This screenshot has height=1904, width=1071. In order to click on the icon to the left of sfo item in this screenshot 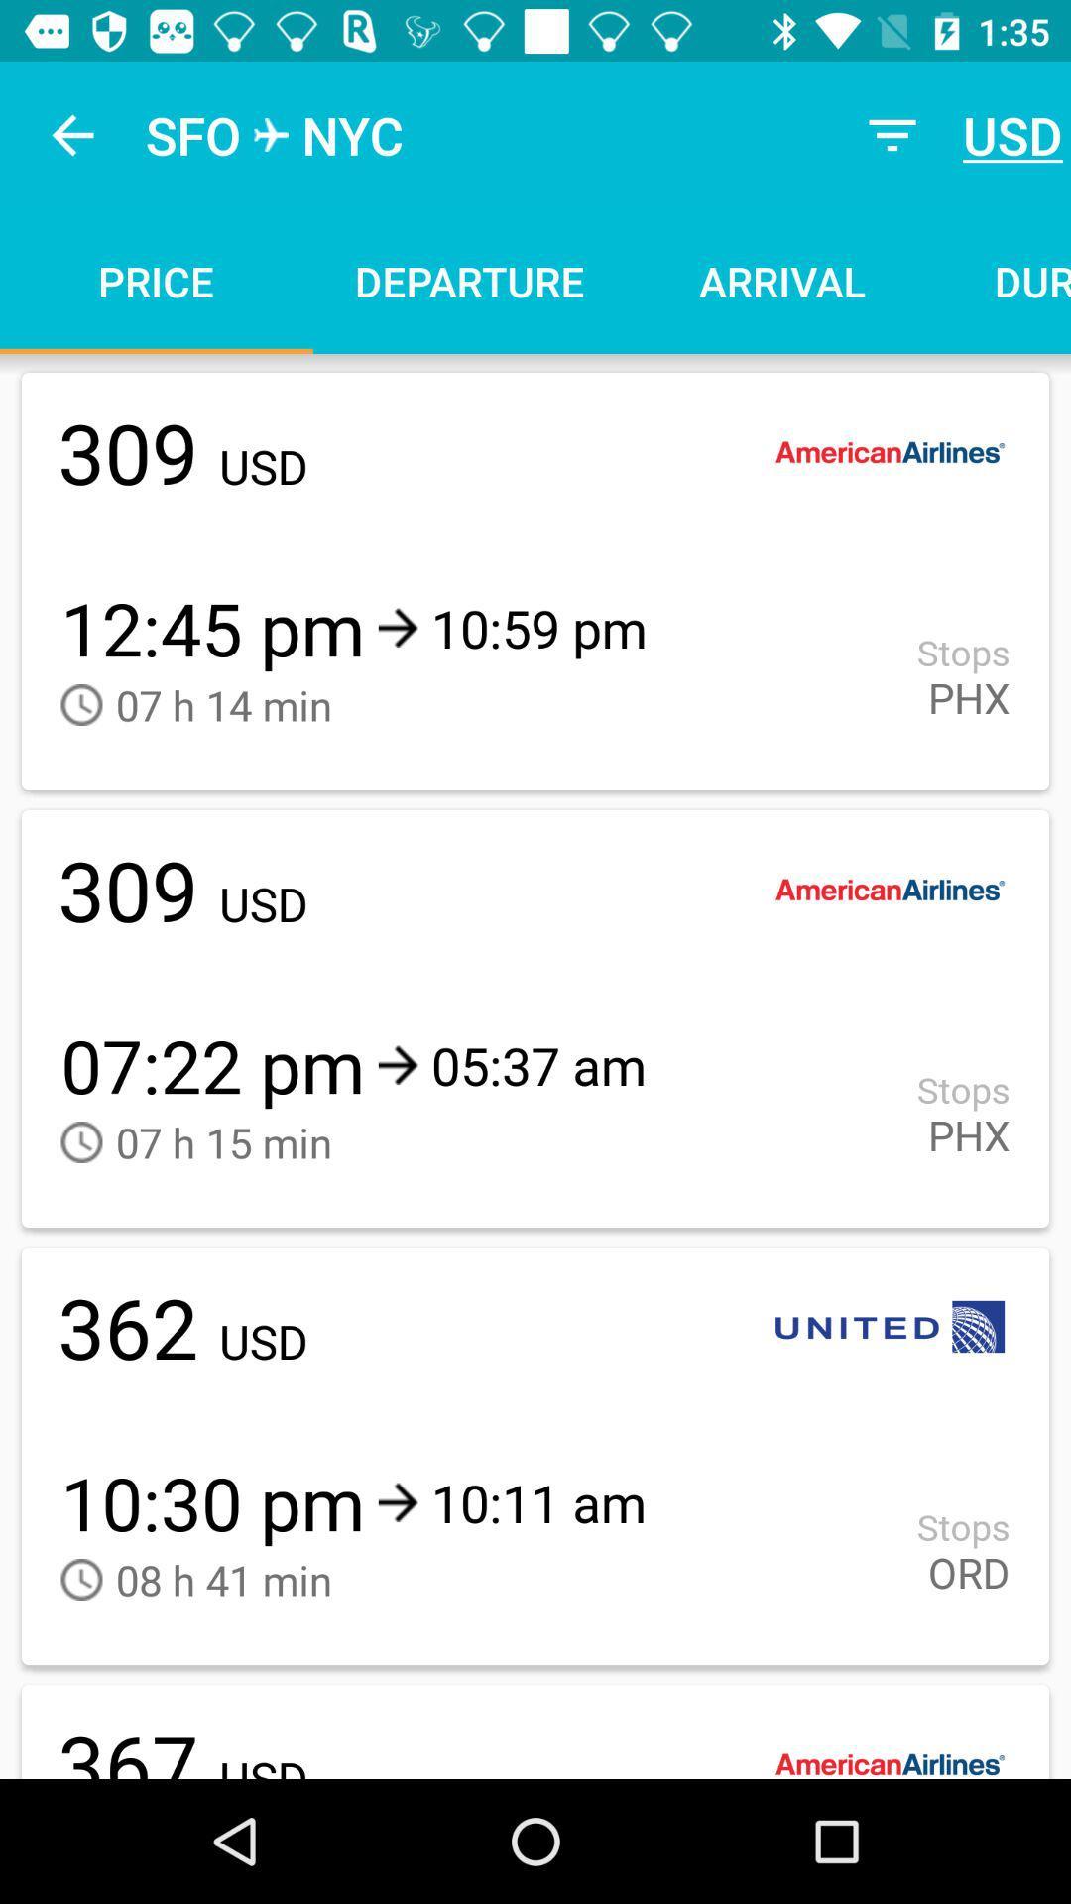, I will do `click(71, 134)`.